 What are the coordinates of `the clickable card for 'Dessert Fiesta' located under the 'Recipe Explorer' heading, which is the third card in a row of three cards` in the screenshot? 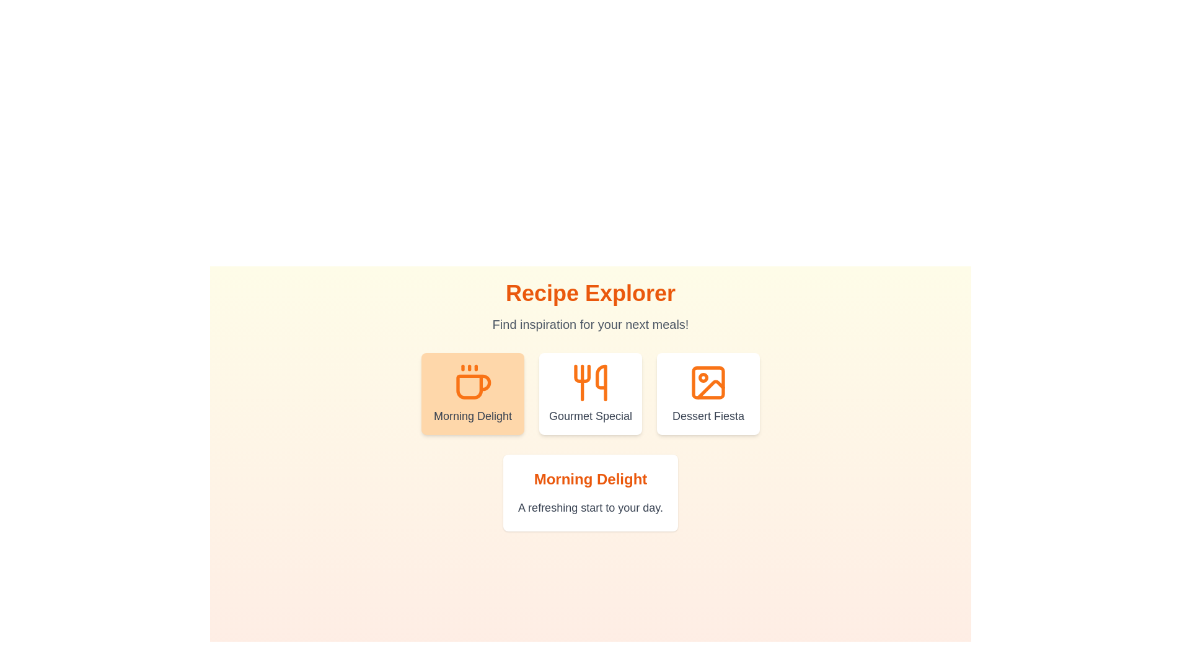 It's located at (708, 394).